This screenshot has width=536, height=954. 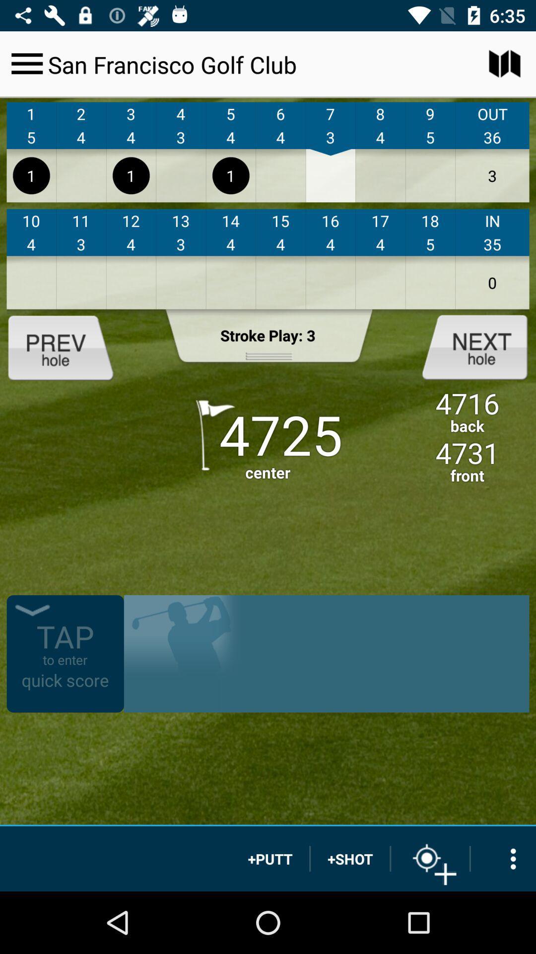 I want to click on open menu, so click(x=26, y=63).